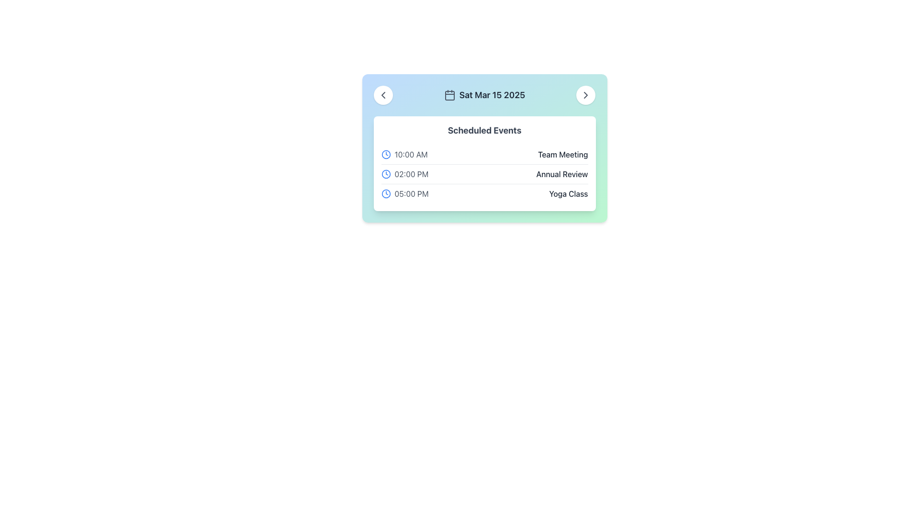 Image resolution: width=919 pixels, height=517 pixels. What do you see at coordinates (585, 95) in the screenshot?
I see `the right-facing chevron arrow icon within the circular button located at the top-right corner of the calendar interface` at bounding box center [585, 95].